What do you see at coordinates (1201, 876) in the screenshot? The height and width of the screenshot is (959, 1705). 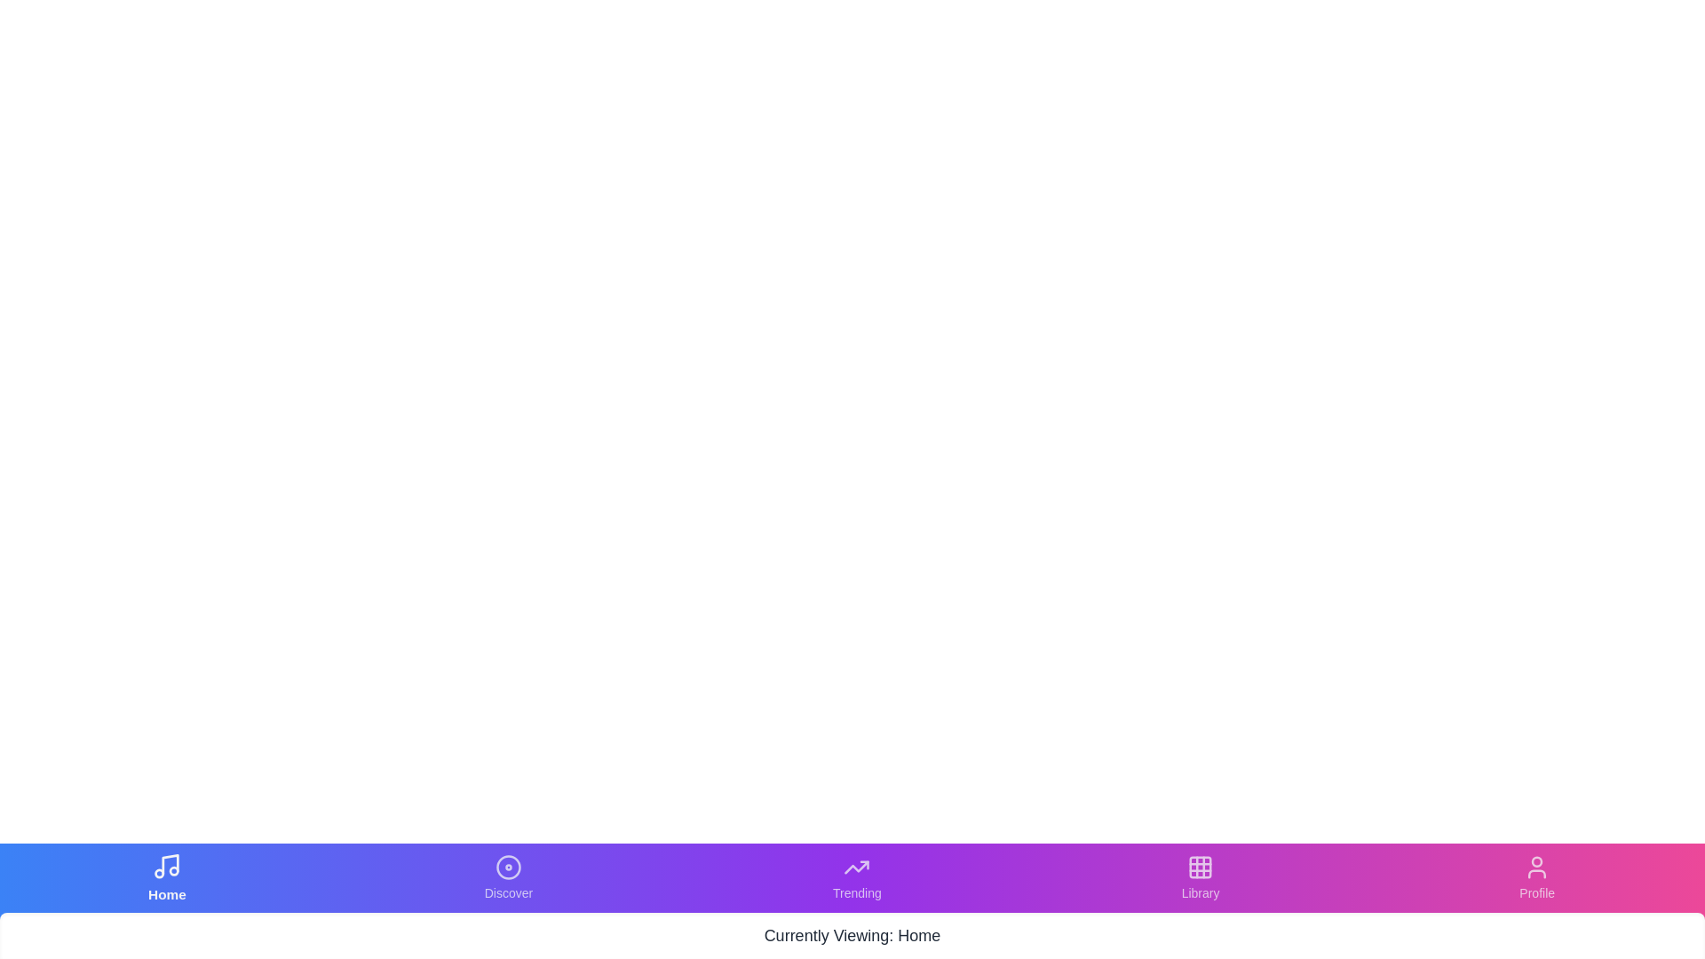 I see `the Library tab to navigate to it` at bounding box center [1201, 876].